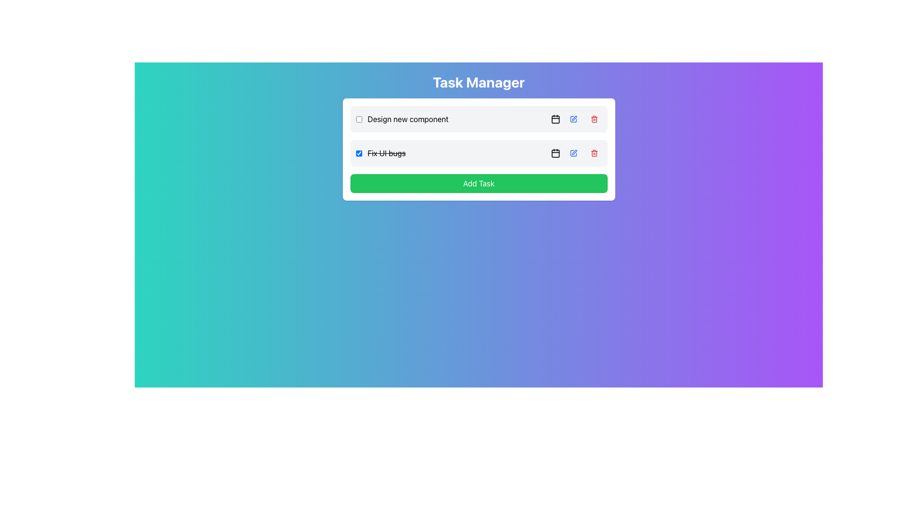 The width and height of the screenshot is (908, 511). I want to click on the small red trash can icon located at the far right of the second task row, so click(594, 153).